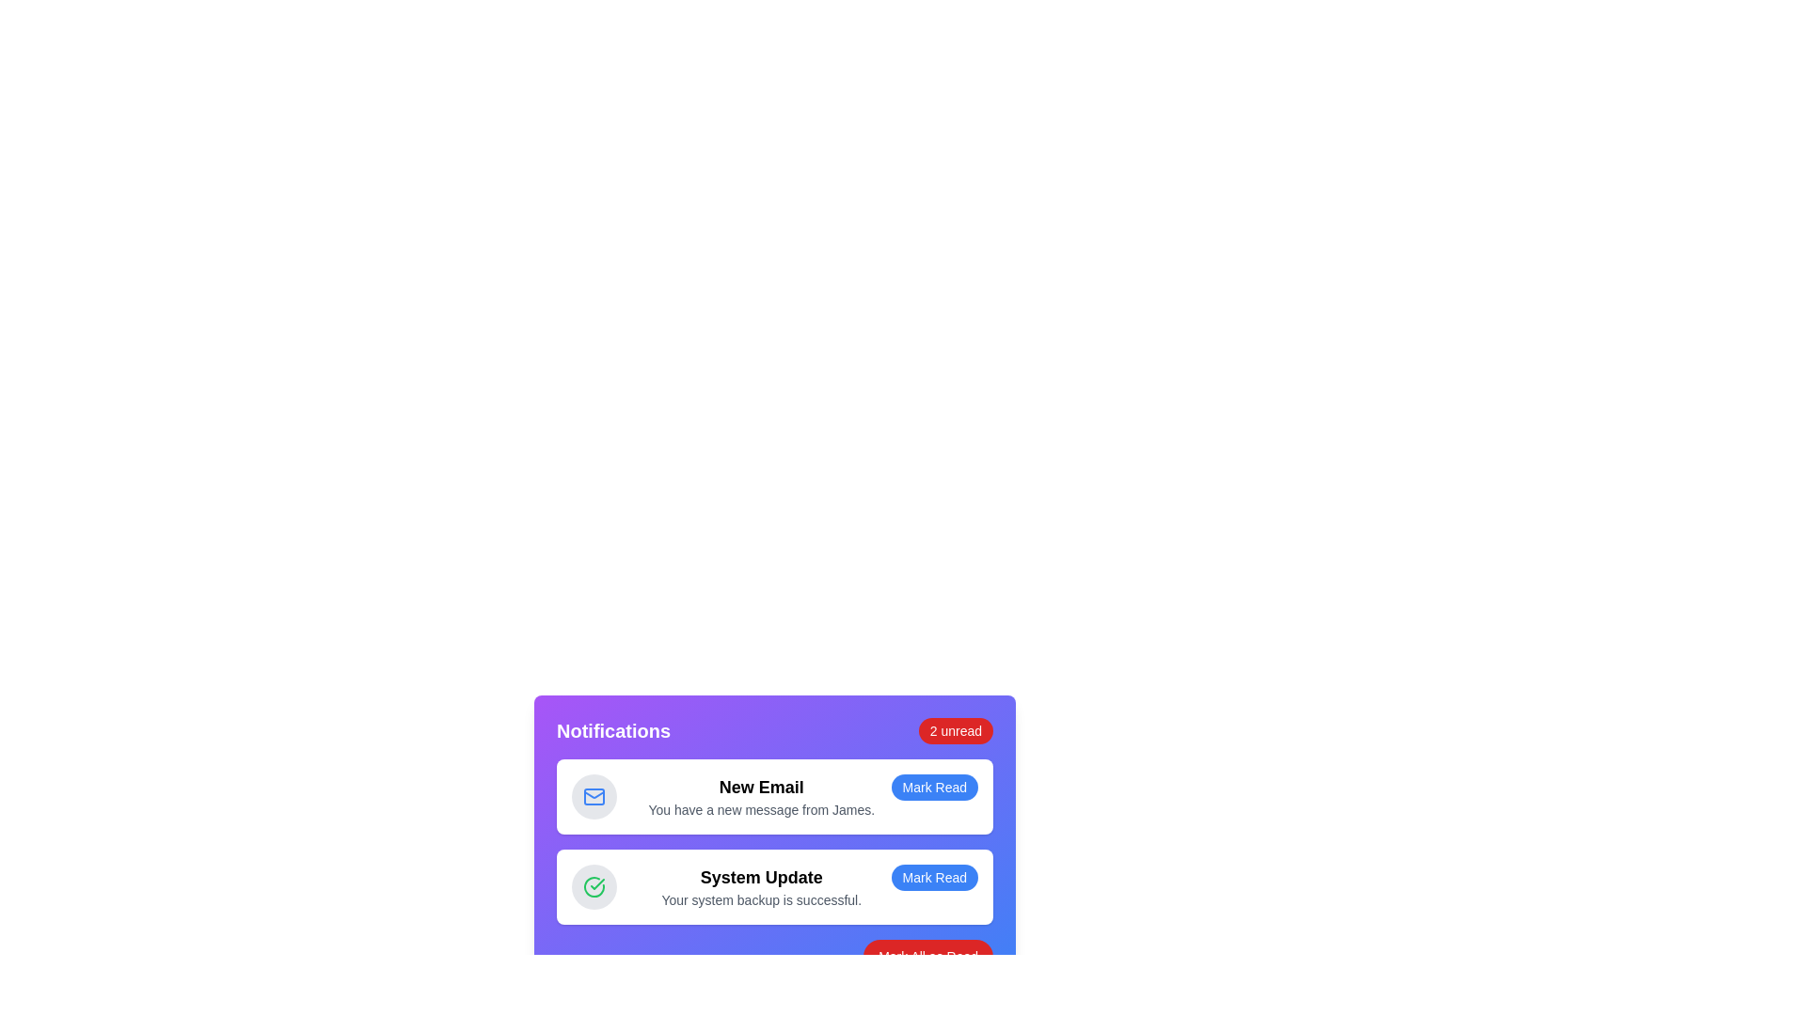 The image size is (1806, 1015). What do you see at coordinates (934, 877) in the screenshot?
I see `the 'Mark as Read' button located in the bottom-right corner of the notification card displaying 'System Update' and 'Your system backup is successful.'` at bounding box center [934, 877].